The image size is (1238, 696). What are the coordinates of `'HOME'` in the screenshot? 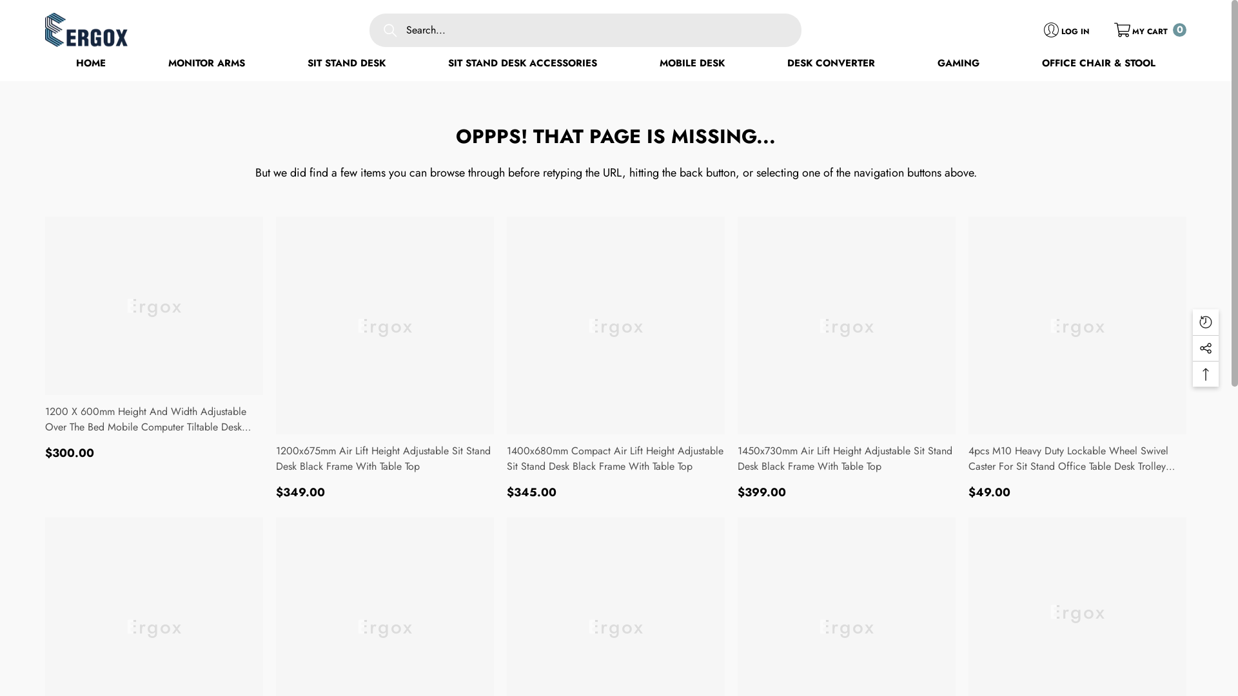 It's located at (90, 64).